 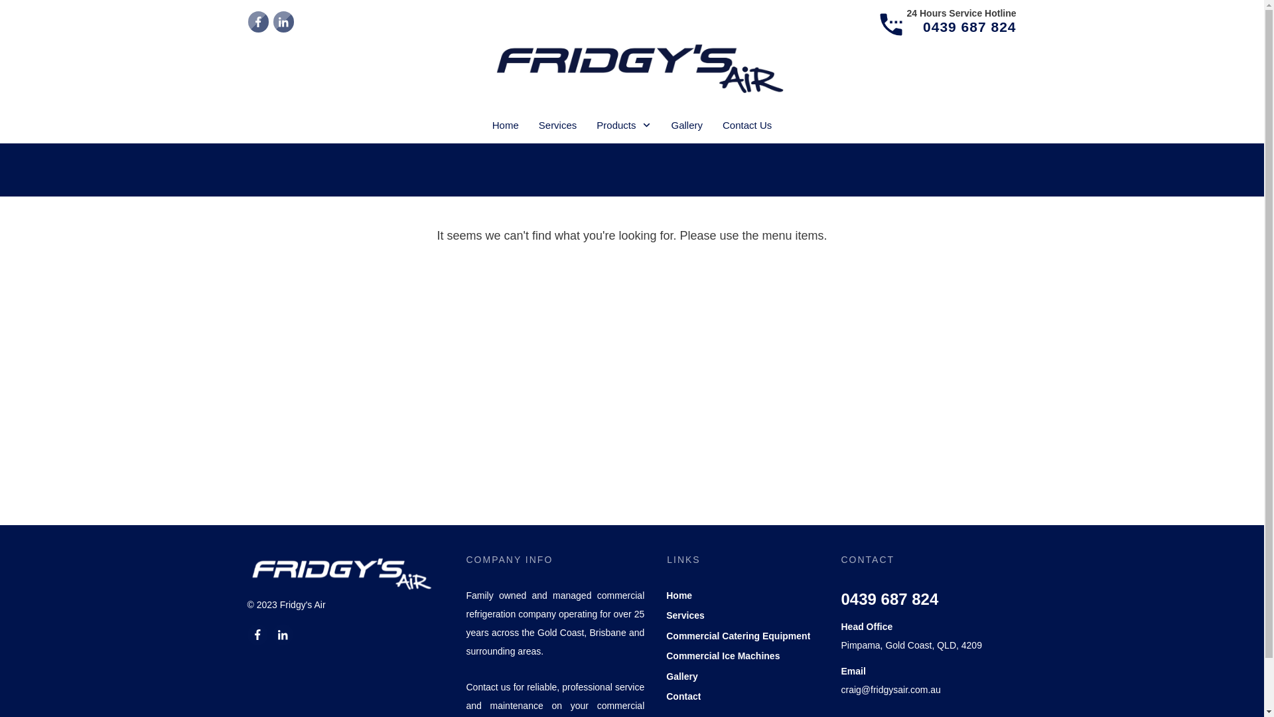 What do you see at coordinates (557, 125) in the screenshot?
I see `'Services'` at bounding box center [557, 125].